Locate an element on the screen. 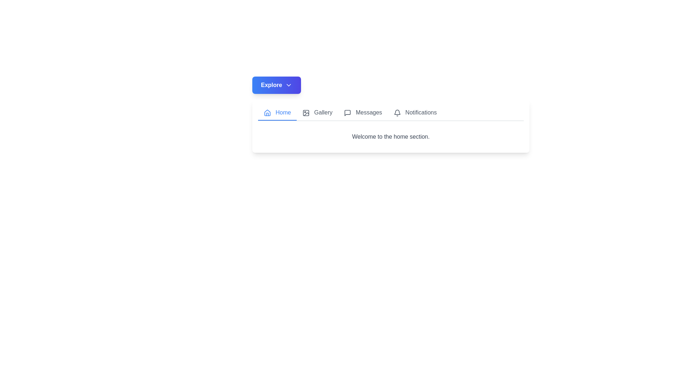  the 'Explore' button which contains a chevron icon indicating additional options when activated is located at coordinates (288, 84).